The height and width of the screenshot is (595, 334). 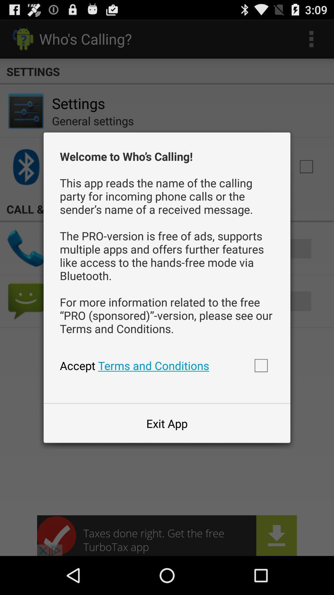 What do you see at coordinates (261, 365) in the screenshot?
I see `accept terms and conditions box` at bounding box center [261, 365].